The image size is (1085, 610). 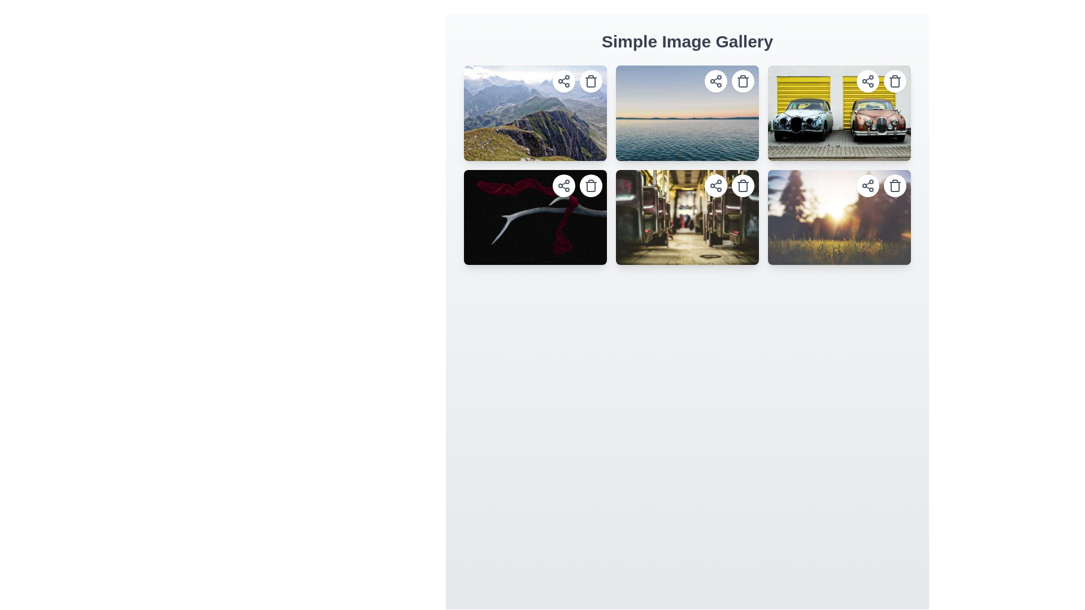 What do you see at coordinates (867, 184) in the screenshot?
I see `the circular button with a white background and a gray border that contains a share icon, located in the top-right corner of the fourth image in the second row of the gallery grid` at bounding box center [867, 184].